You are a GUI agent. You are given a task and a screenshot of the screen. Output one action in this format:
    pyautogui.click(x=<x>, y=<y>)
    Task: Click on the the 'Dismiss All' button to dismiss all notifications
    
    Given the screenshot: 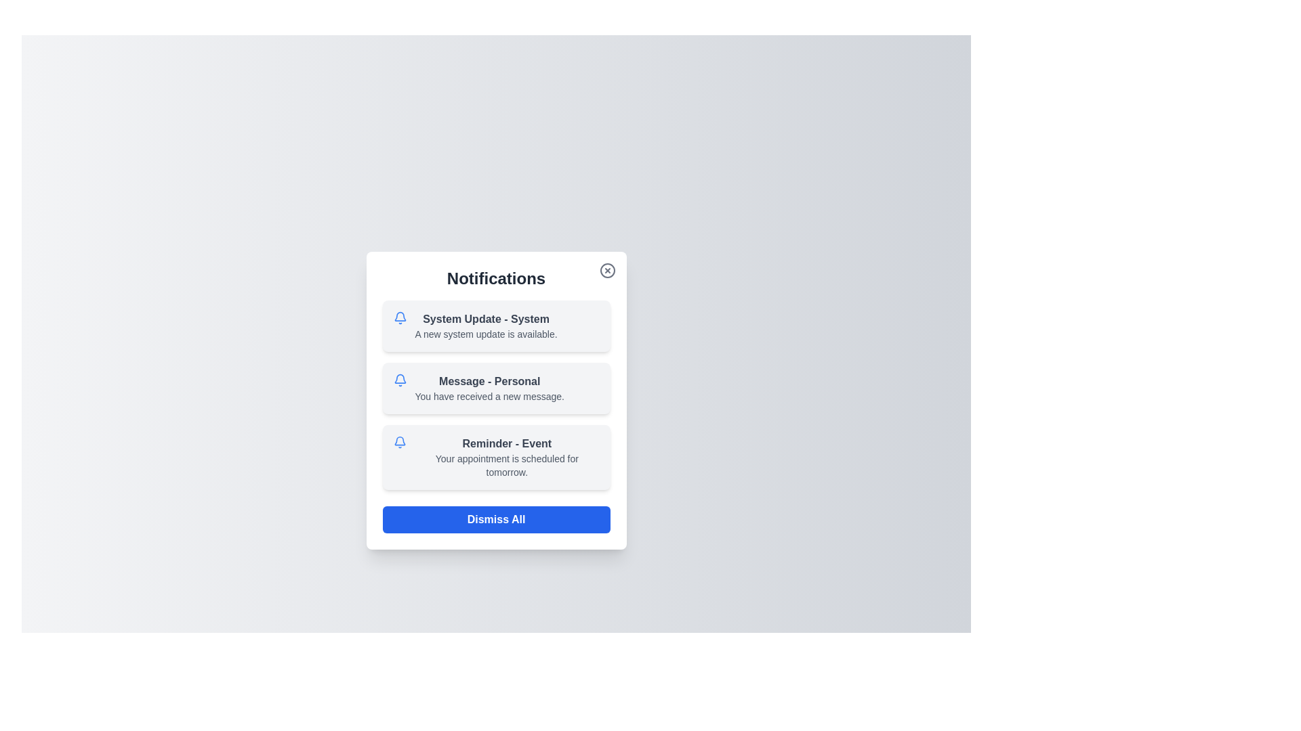 What is the action you would take?
    pyautogui.click(x=495, y=518)
    